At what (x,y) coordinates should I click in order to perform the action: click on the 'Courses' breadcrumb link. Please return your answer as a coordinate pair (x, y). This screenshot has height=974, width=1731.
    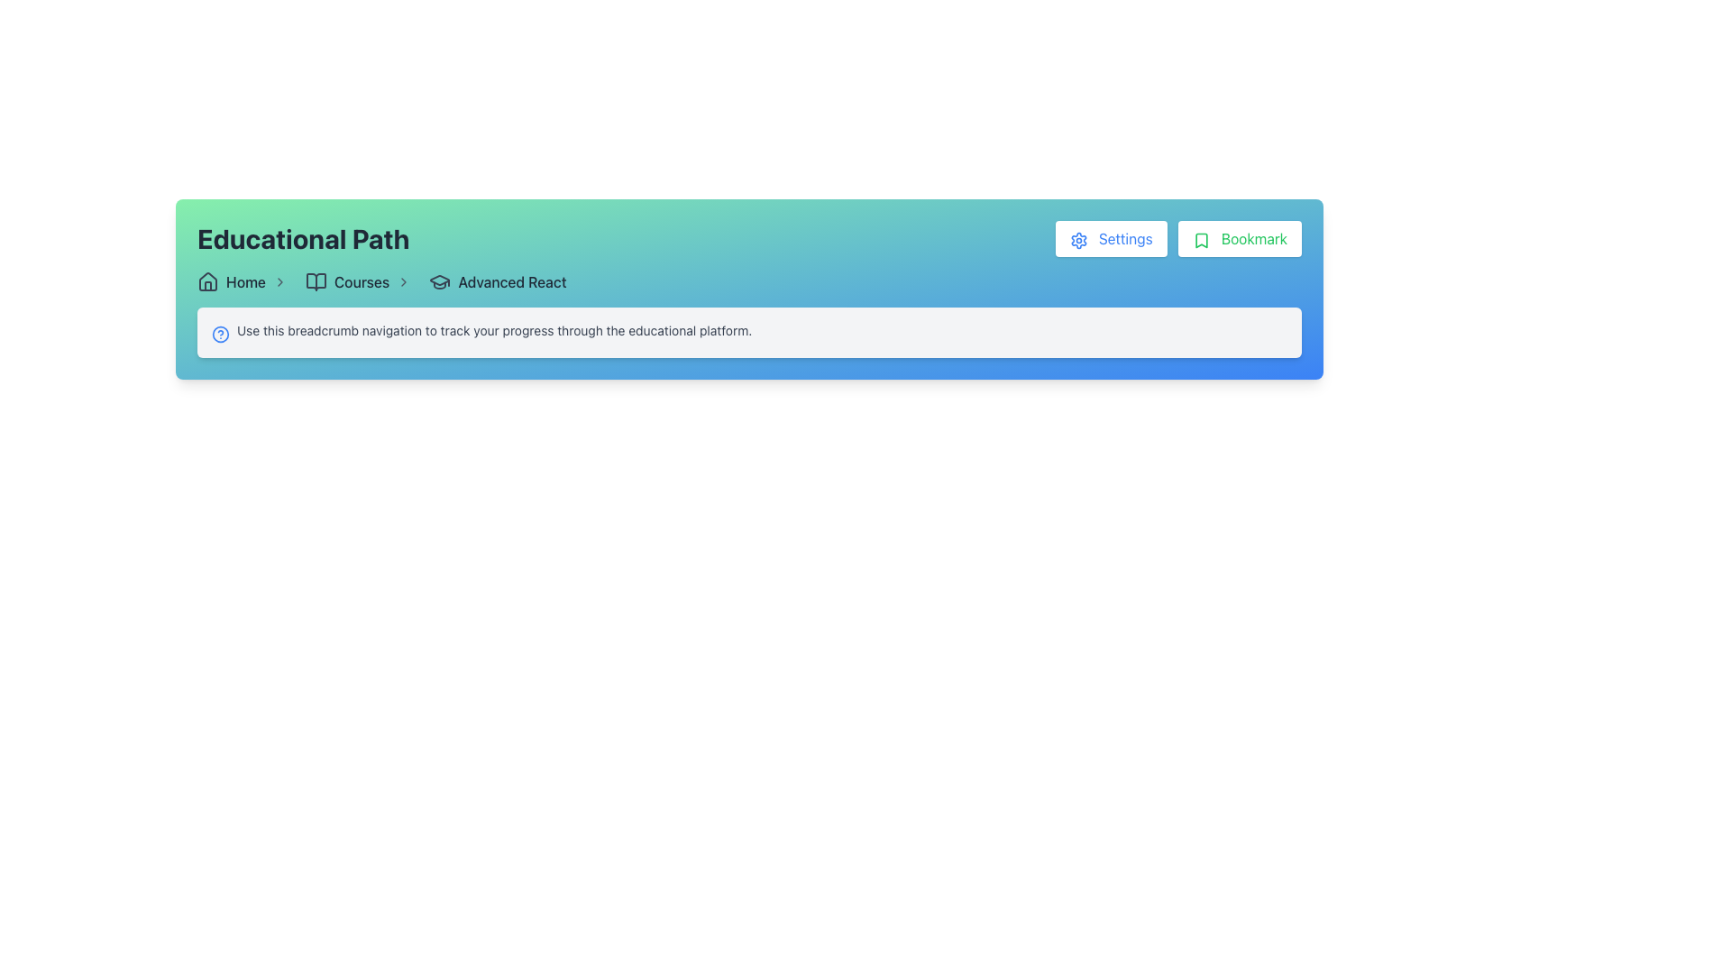
    Looking at the image, I should click on (380, 281).